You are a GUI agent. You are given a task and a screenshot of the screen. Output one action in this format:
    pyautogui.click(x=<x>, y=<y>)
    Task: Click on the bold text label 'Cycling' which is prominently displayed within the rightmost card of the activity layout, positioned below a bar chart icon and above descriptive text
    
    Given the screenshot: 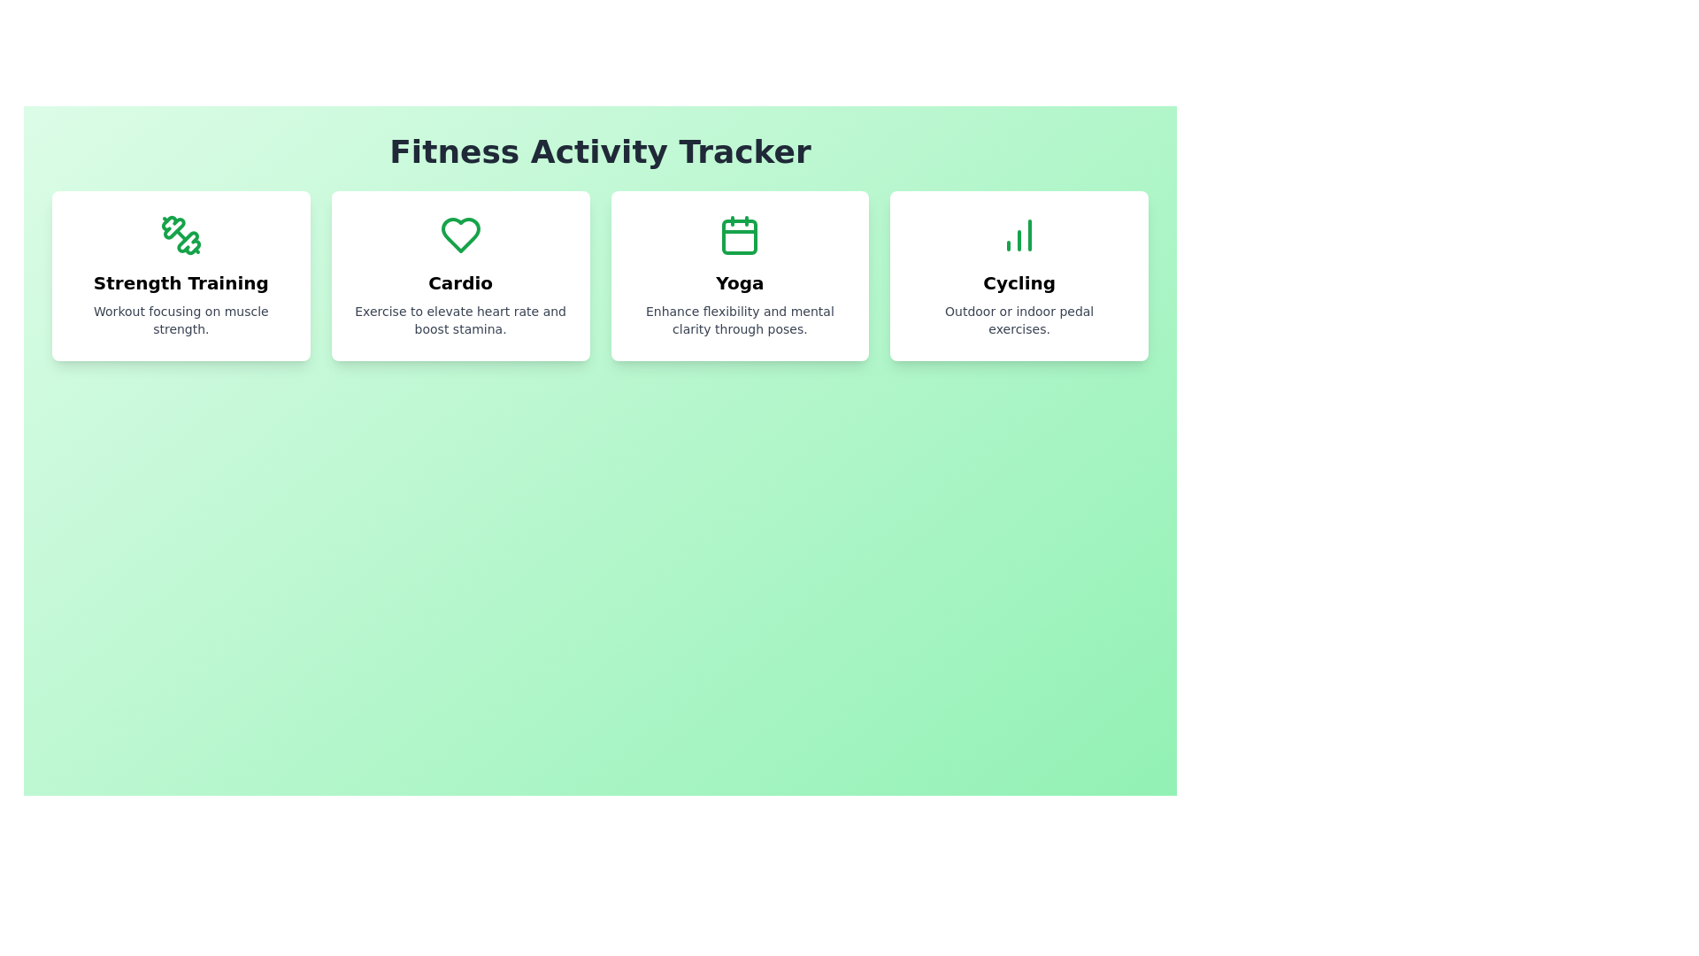 What is the action you would take?
    pyautogui.click(x=1019, y=282)
    